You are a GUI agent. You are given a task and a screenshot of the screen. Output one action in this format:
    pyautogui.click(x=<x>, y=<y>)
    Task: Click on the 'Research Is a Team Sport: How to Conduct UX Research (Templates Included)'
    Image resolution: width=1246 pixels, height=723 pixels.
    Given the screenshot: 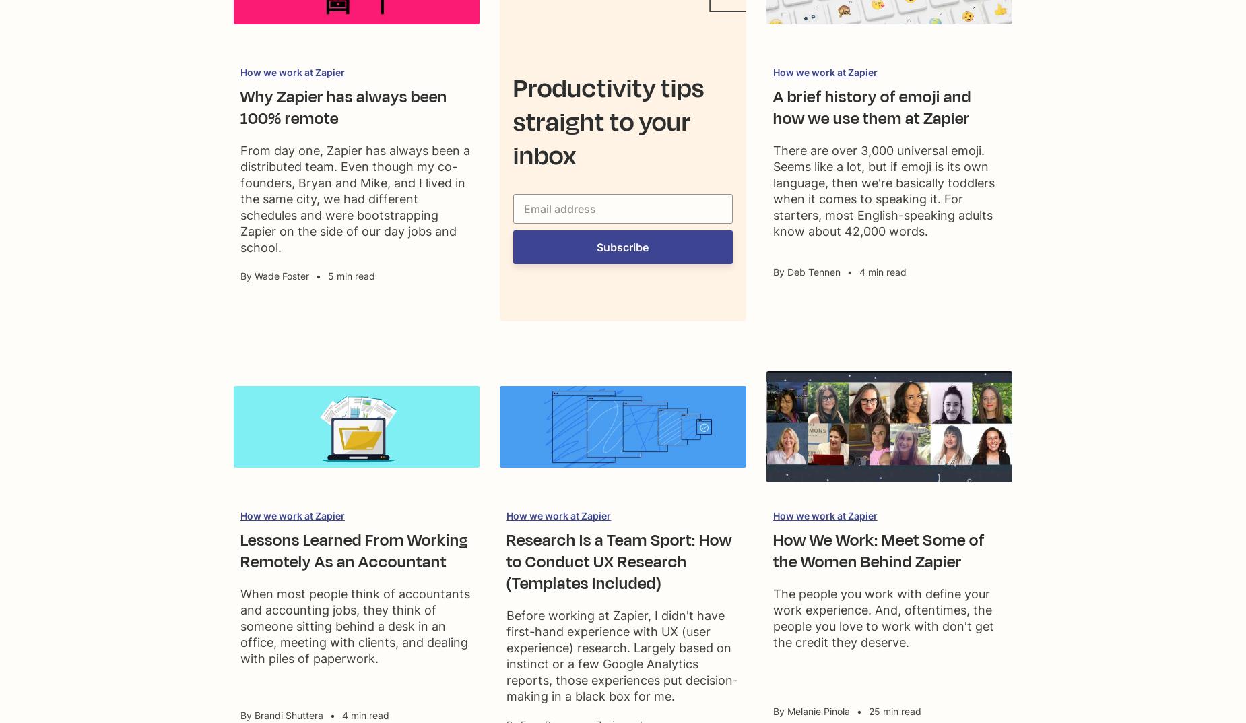 What is the action you would take?
    pyautogui.click(x=619, y=562)
    